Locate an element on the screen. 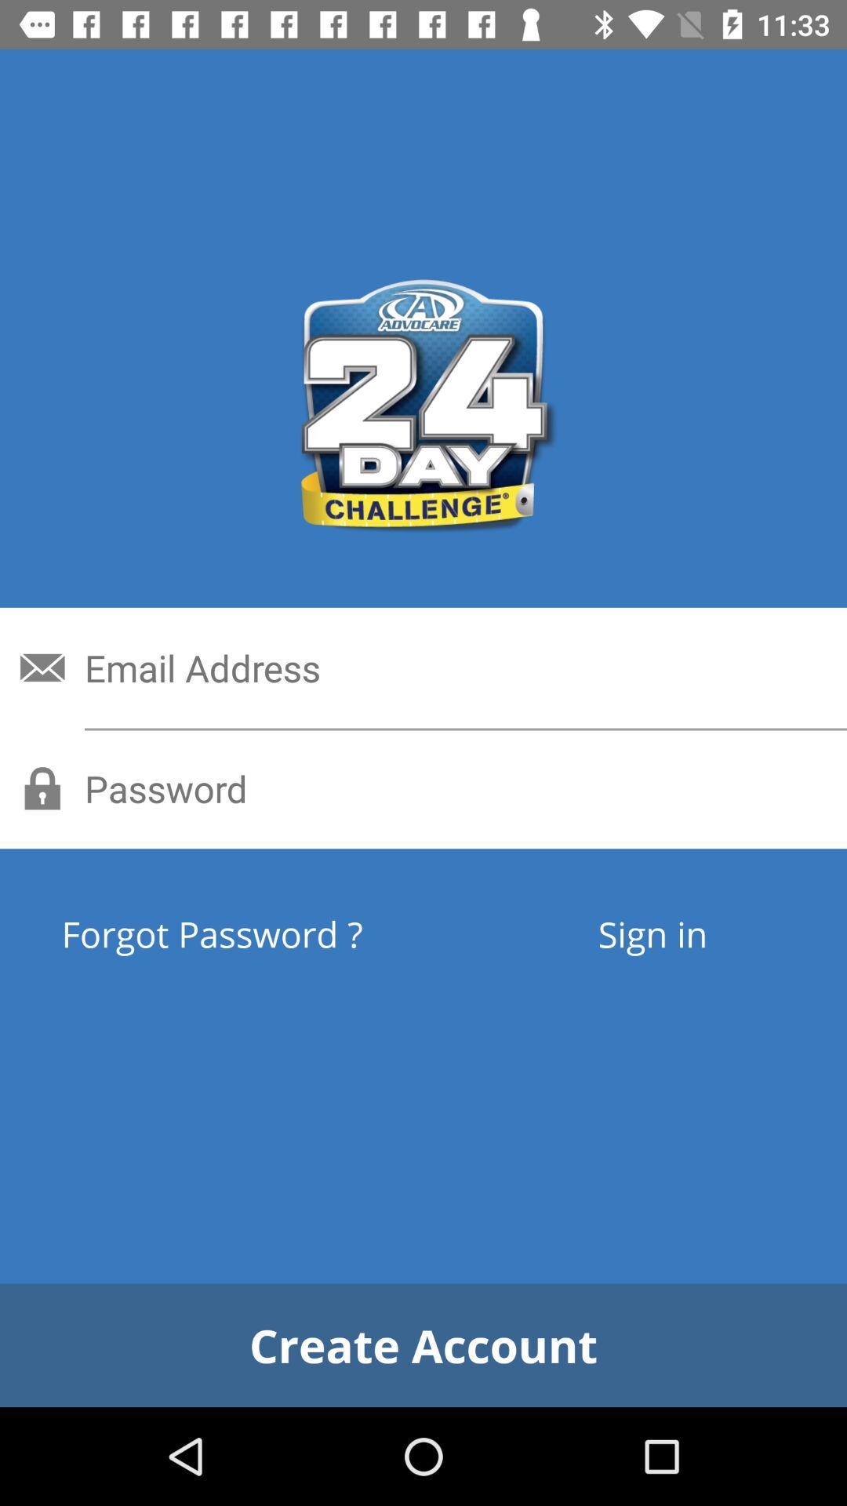 This screenshot has height=1506, width=847. the create account is located at coordinates (423, 1344).